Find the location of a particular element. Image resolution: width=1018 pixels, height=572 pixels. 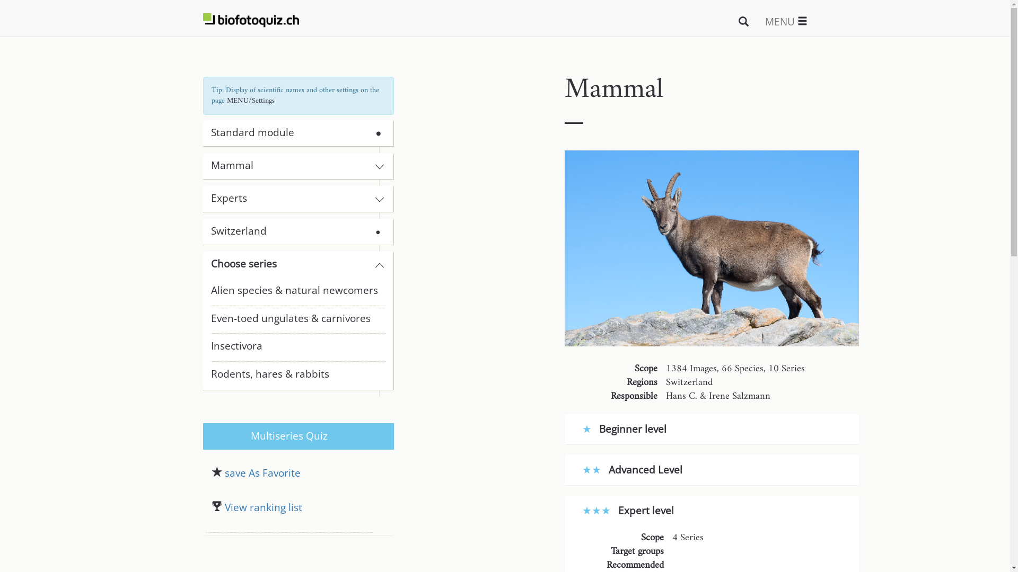

'Multiseries Quiz' is located at coordinates (289, 436).